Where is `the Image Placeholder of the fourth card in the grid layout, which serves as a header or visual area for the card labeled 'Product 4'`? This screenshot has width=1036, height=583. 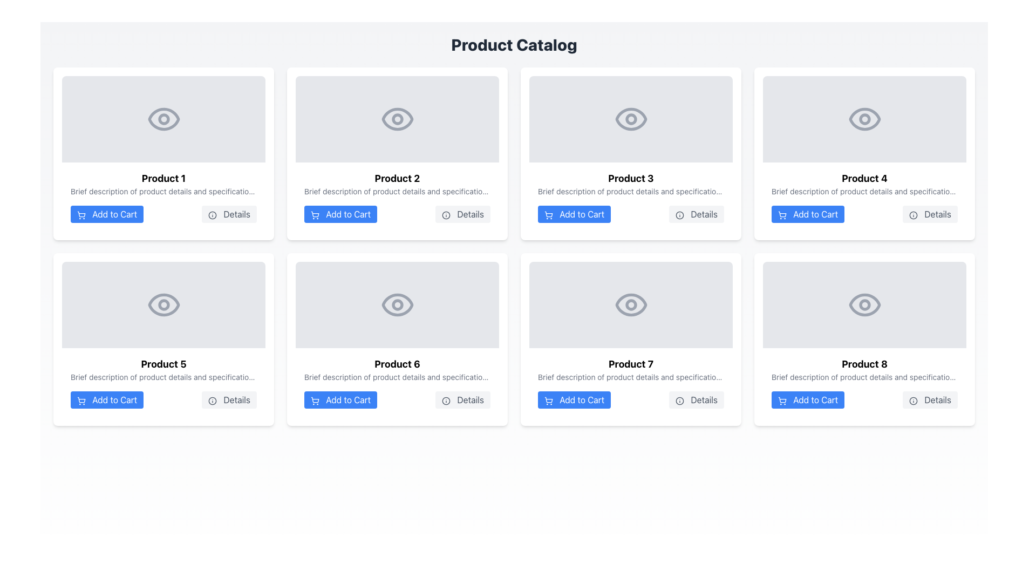 the Image Placeholder of the fourth card in the grid layout, which serves as a header or visual area for the card labeled 'Product 4' is located at coordinates (864, 119).